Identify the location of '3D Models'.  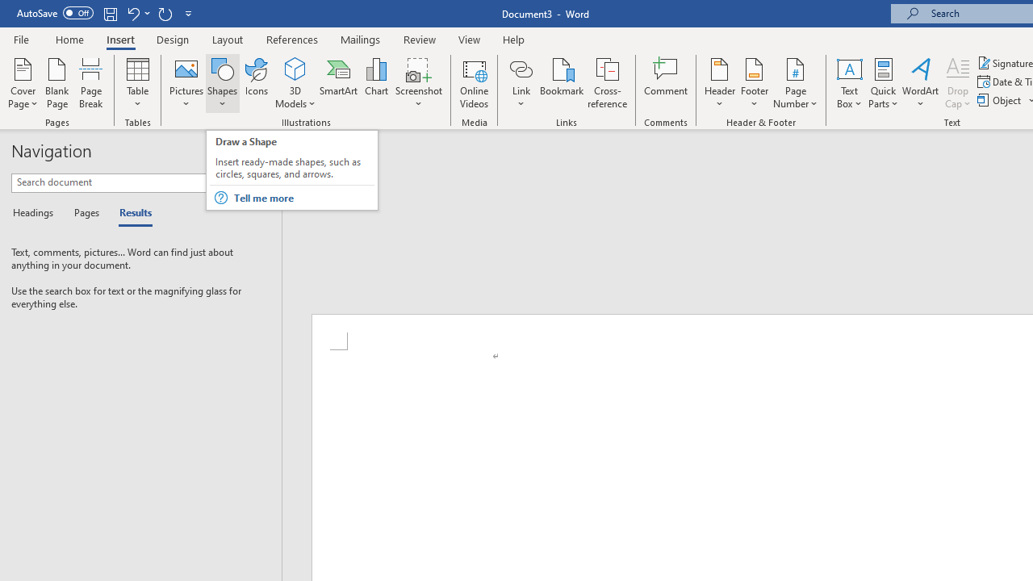
(295, 68).